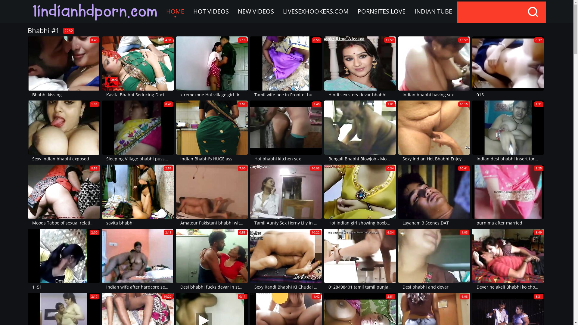 Image resolution: width=578 pixels, height=325 pixels. Describe the element at coordinates (286, 67) in the screenshot. I see `'0:50` at that location.